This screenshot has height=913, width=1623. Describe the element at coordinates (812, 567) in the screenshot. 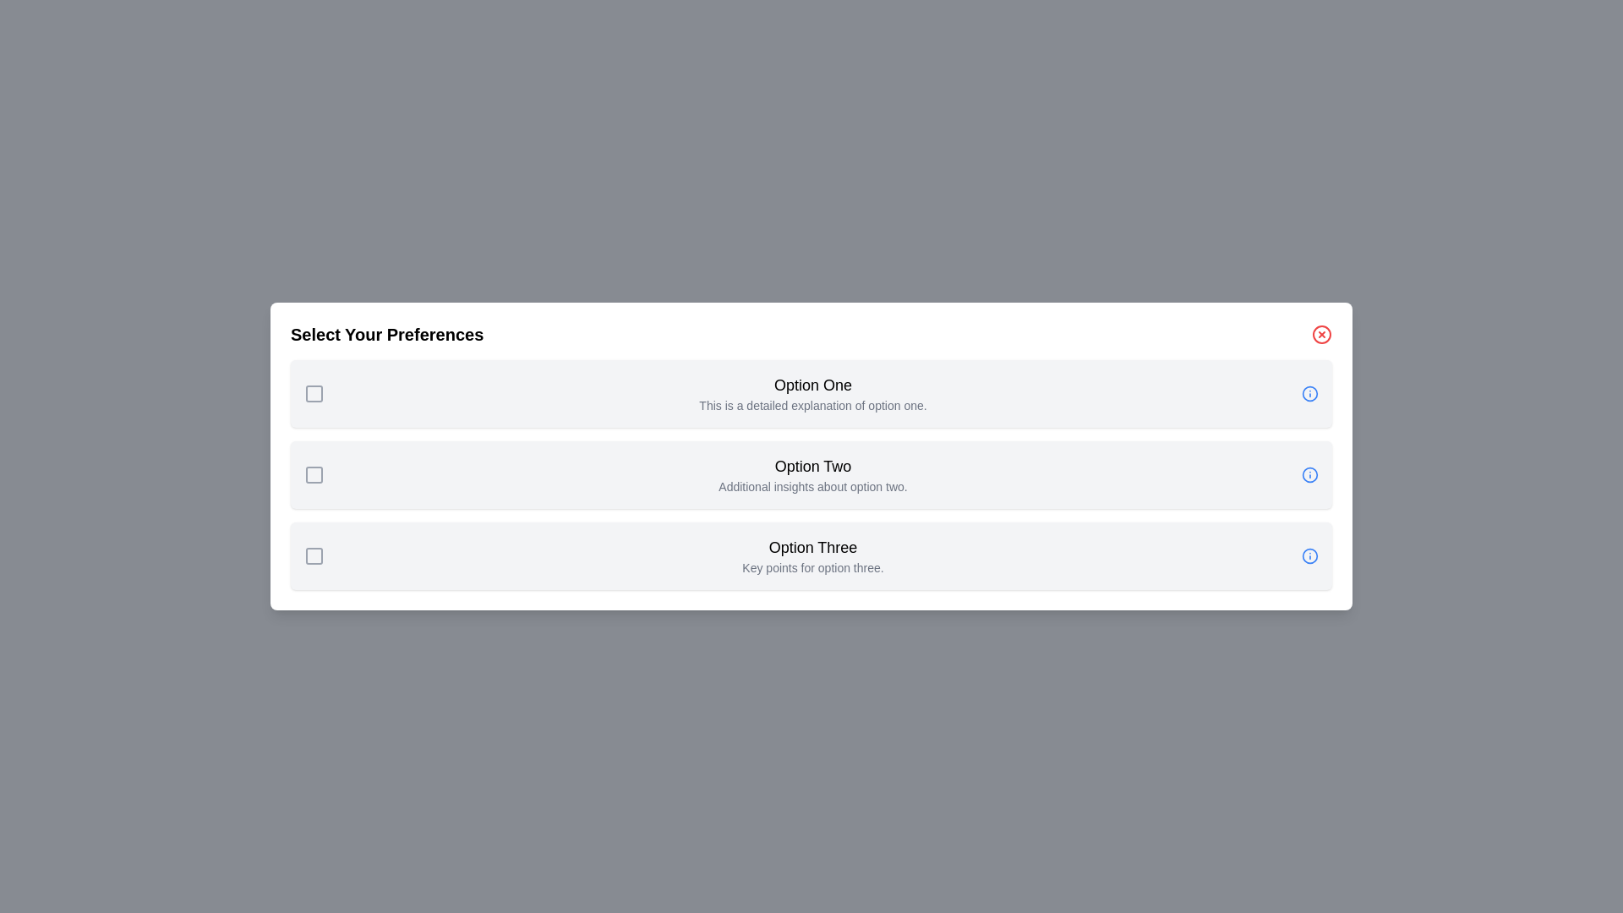

I see `the text label that provides additional descriptive information about 'Option Three', which is located underneath the 'Option Three' heading` at that location.